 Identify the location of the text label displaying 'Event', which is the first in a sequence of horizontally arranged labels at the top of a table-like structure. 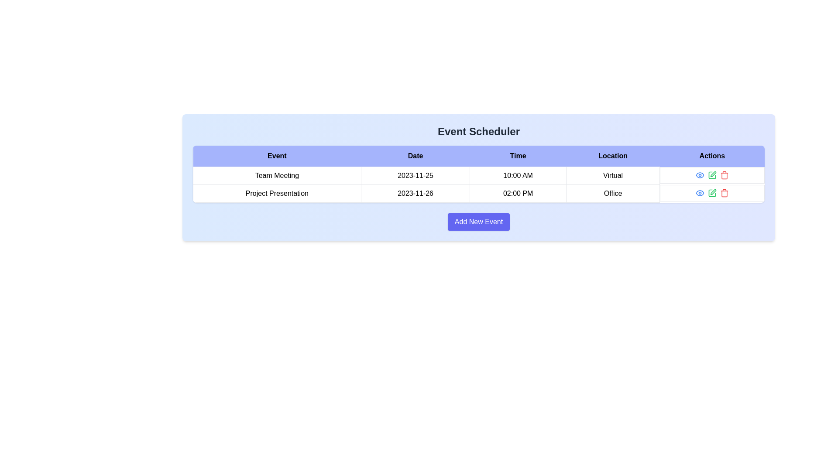
(276, 156).